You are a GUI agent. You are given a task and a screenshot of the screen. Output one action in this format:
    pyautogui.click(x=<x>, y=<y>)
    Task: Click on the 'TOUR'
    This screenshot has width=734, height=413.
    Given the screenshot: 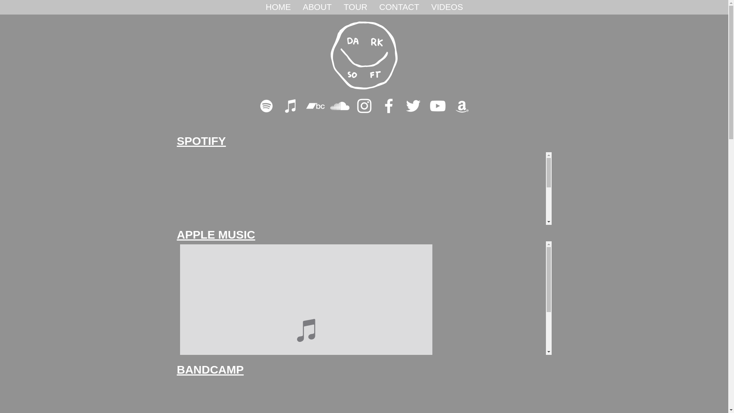 What is the action you would take?
    pyautogui.click(x=337, y=7)
    